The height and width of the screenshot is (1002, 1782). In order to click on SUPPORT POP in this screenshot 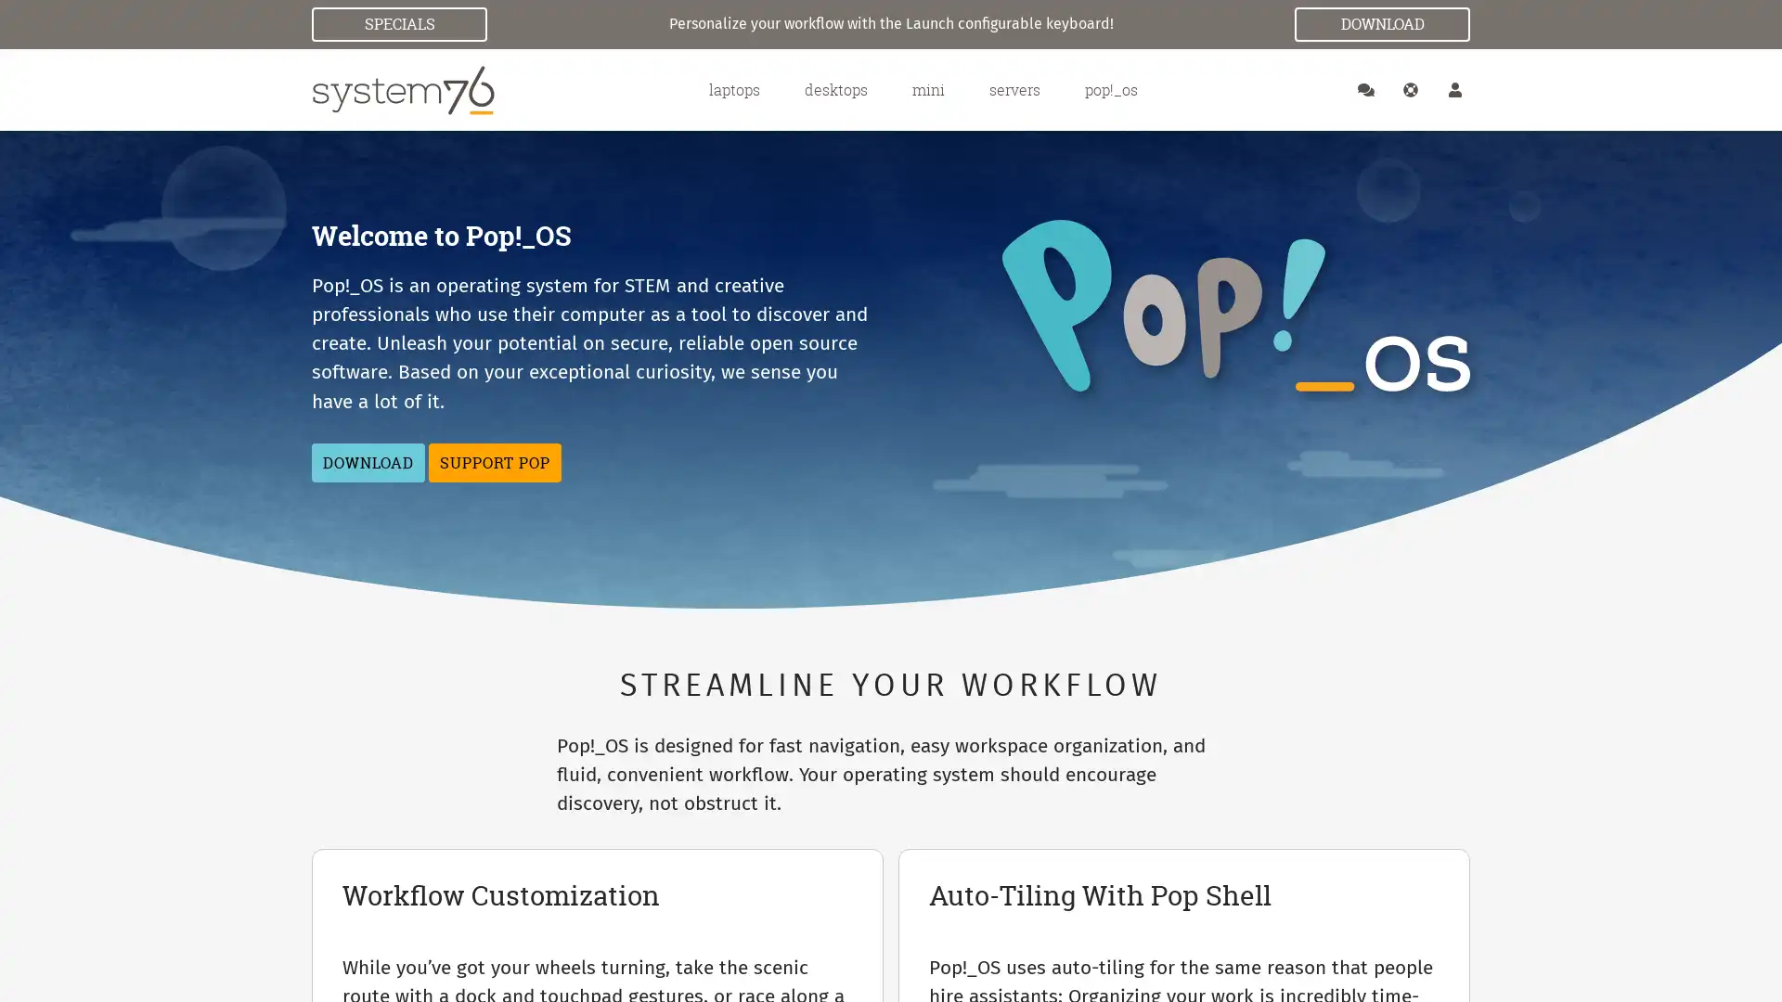, I will do `click(494, 461)`.